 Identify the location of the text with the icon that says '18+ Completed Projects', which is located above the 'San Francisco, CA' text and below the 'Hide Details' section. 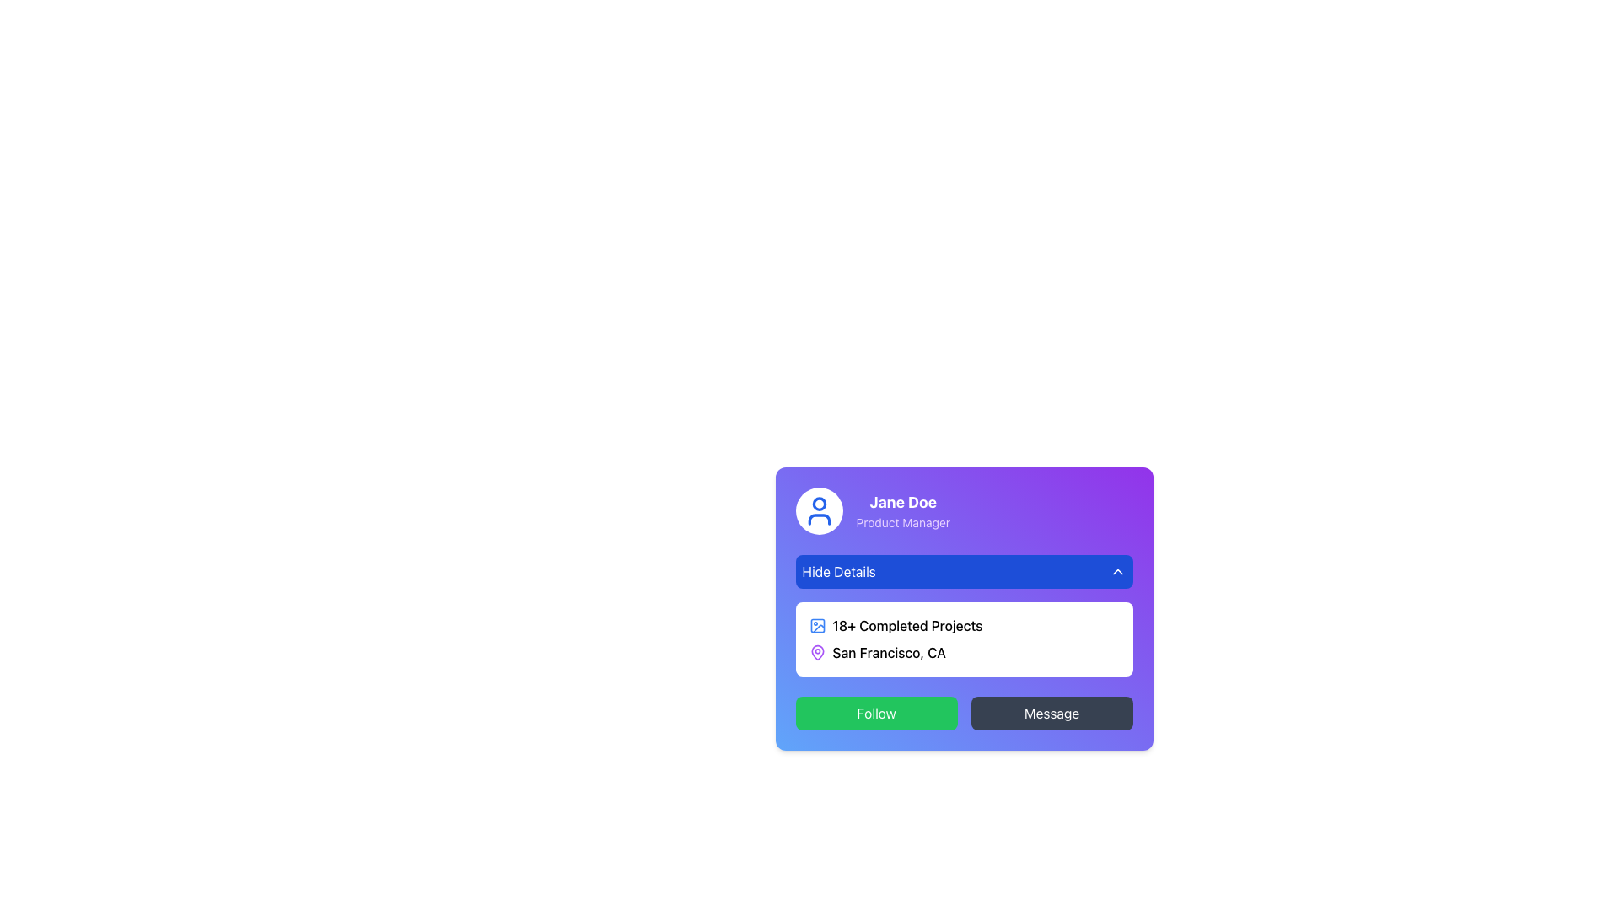
(964, 625).